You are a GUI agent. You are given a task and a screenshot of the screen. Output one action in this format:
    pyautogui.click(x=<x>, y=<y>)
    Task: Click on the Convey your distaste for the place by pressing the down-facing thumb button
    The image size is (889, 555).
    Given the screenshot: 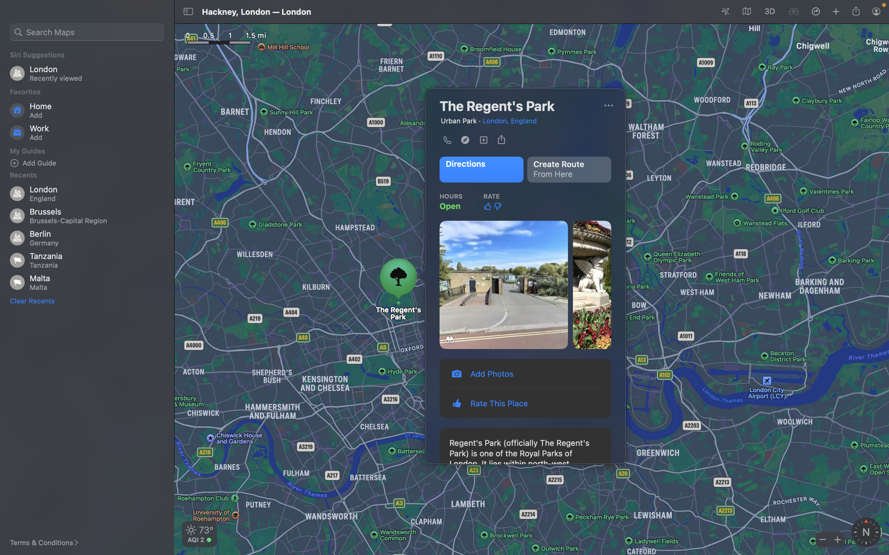 What is the action you would take?
    pyautogui.click(x=497, y=207)
    